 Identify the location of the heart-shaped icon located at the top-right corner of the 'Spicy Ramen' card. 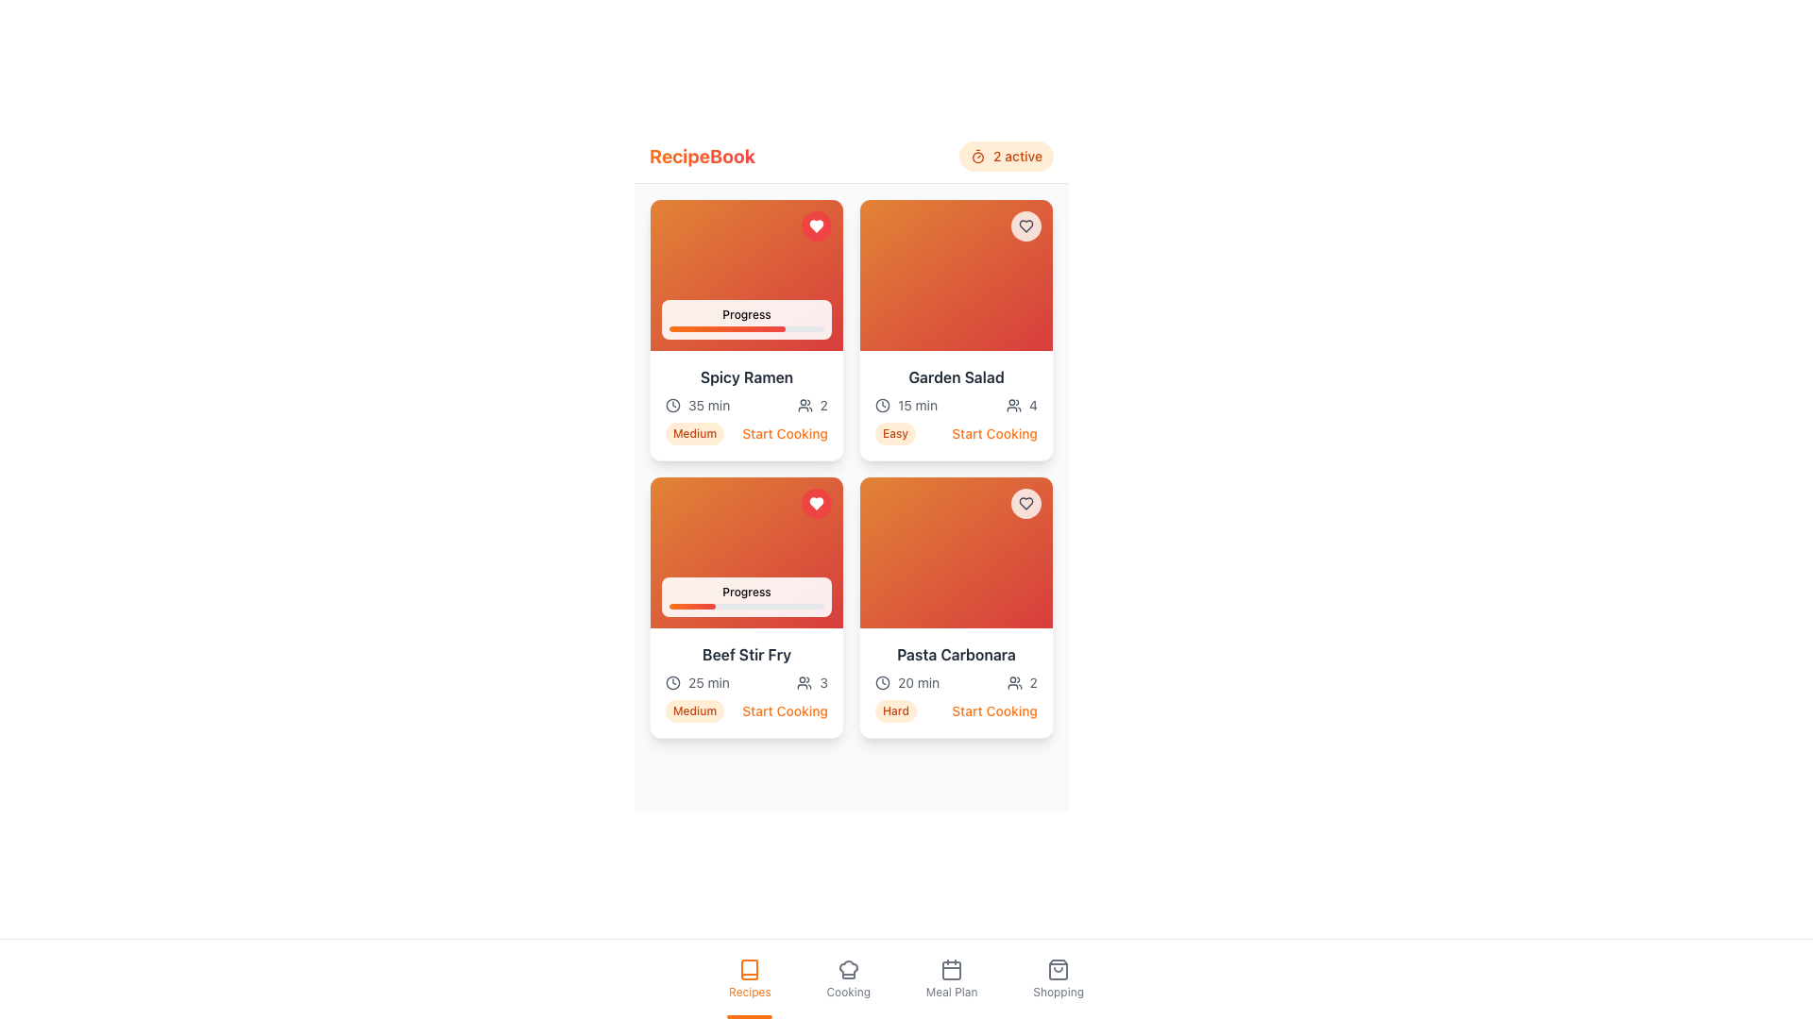
(1025, 225).